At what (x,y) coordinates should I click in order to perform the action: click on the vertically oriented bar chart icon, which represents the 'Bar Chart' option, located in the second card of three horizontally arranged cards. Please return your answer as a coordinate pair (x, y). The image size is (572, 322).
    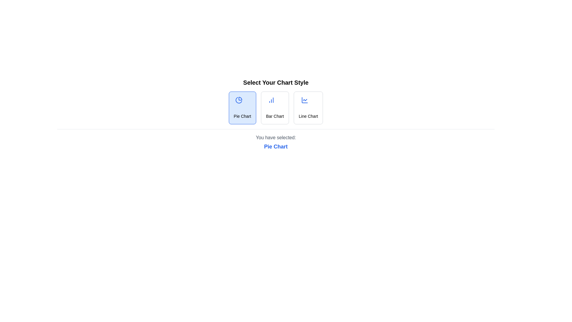
    Looking at the image, I should click on (271, 100).